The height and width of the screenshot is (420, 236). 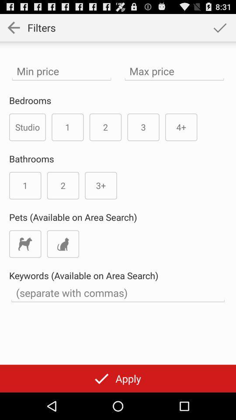 I want to click on the item next to filters icon, so click(x=219, y=27).